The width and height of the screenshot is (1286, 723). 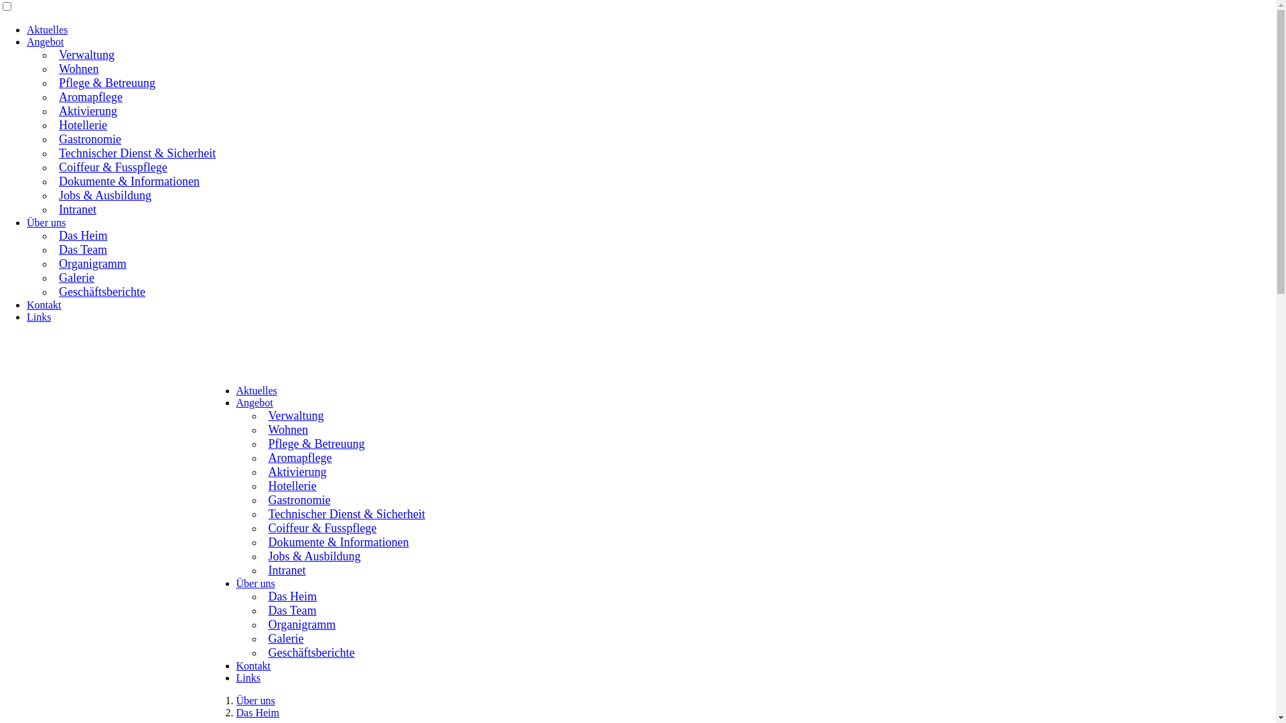 What do you see at coordinates (283, 637) in the screenshot?
I see `'Galerie'` at bounding box center [283, 637].